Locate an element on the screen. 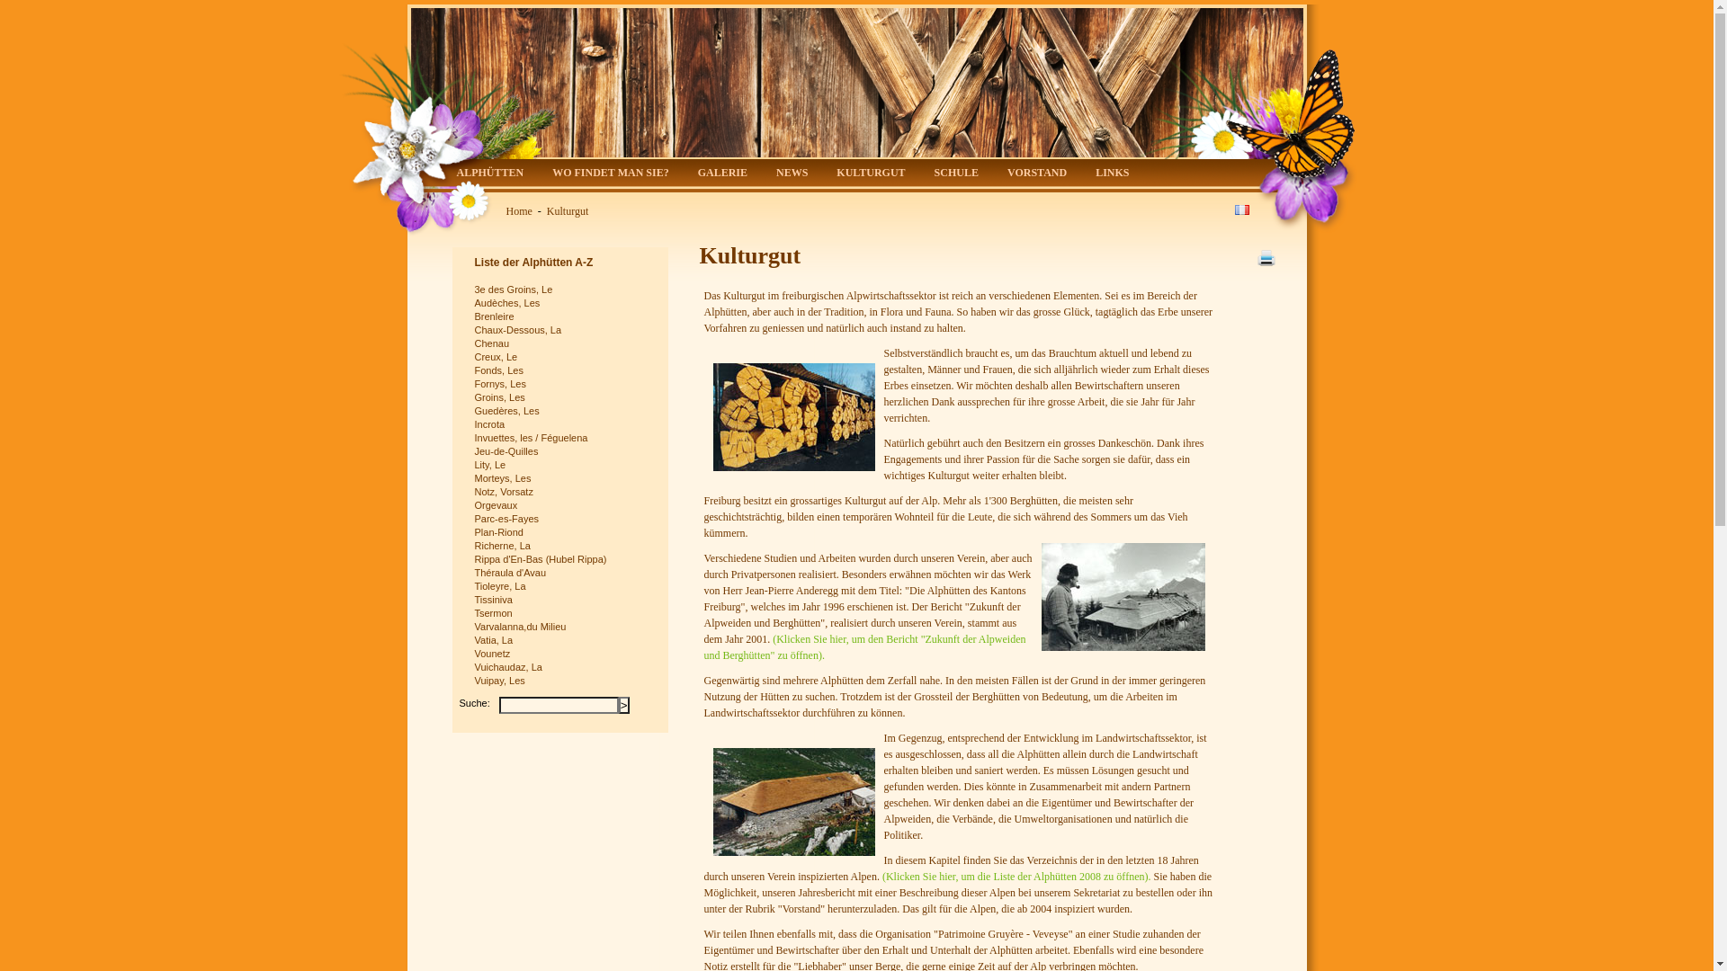 This screenshot has height=971, width=1727. 'Notz, Vorsatz' is located at coordinates (561, 492).